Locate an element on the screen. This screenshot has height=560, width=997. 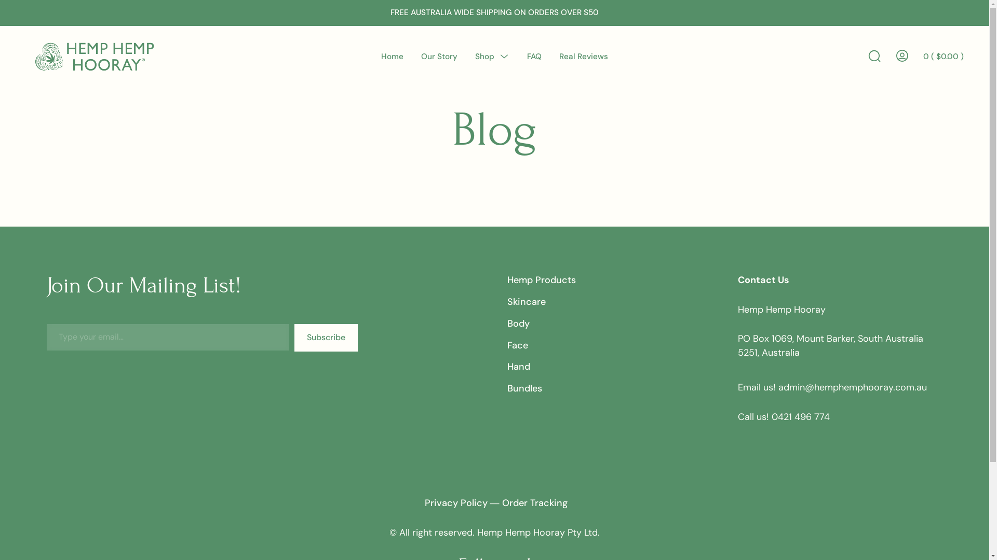
'Order Tracking' is located at coordinates (534, 502).